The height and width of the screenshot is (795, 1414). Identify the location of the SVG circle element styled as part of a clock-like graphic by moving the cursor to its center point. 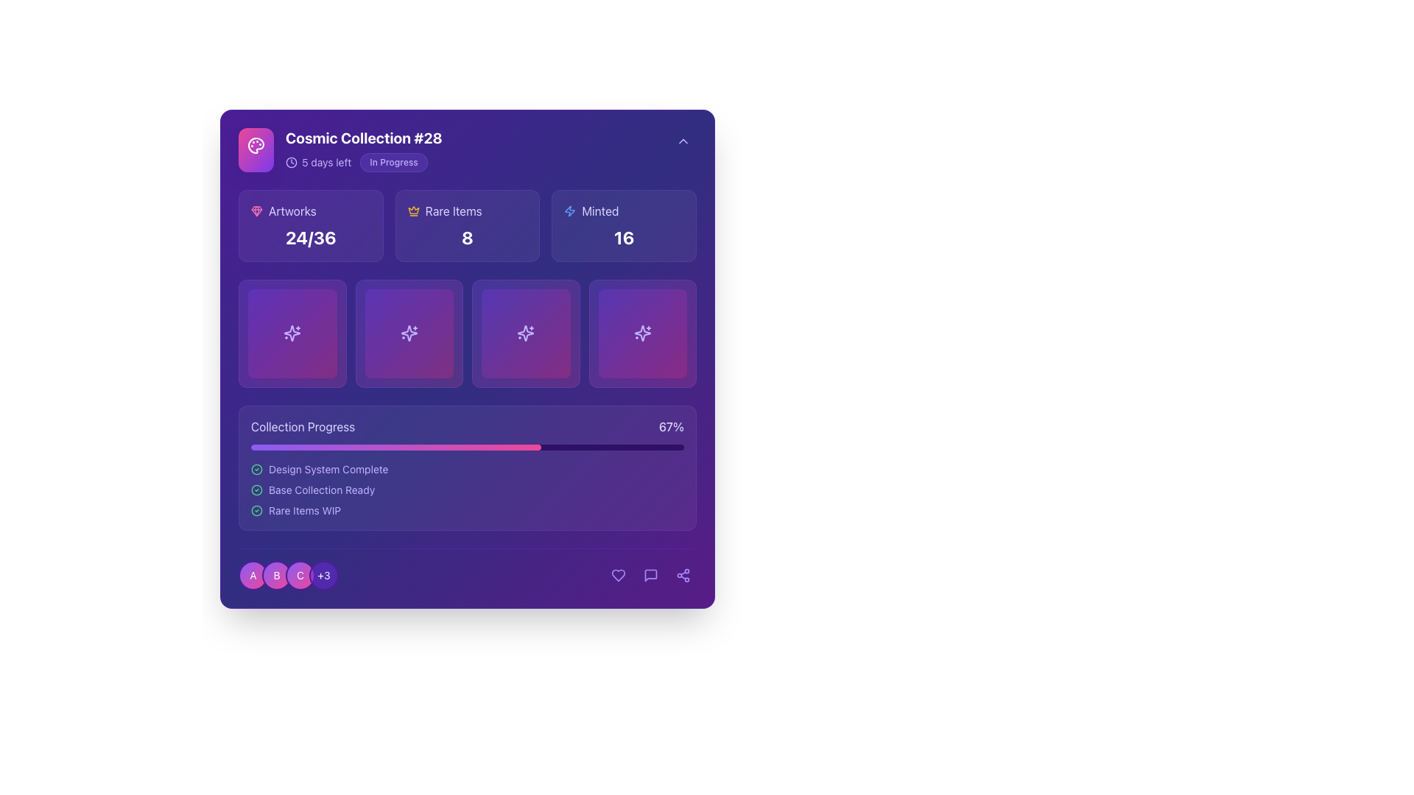
(291, 162).